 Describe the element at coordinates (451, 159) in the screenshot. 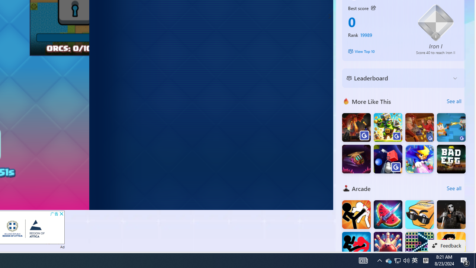

I see `'Bad Egg'` at that location.